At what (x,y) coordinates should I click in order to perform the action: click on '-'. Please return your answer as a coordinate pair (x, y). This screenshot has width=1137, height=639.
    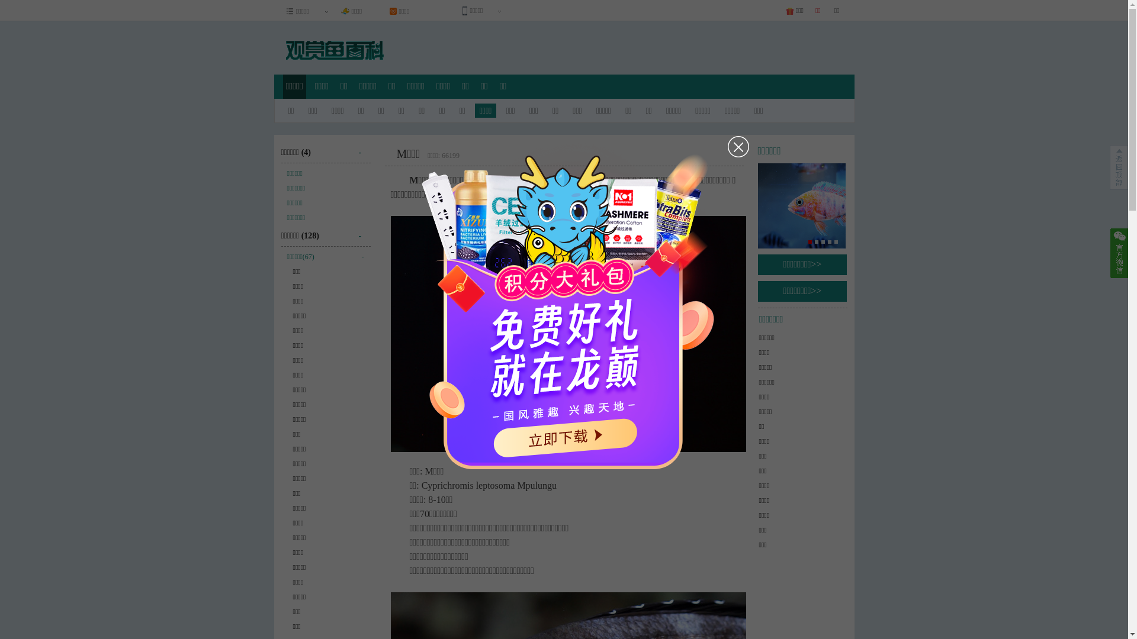
    Looking at the image, I should click on (364, 147).